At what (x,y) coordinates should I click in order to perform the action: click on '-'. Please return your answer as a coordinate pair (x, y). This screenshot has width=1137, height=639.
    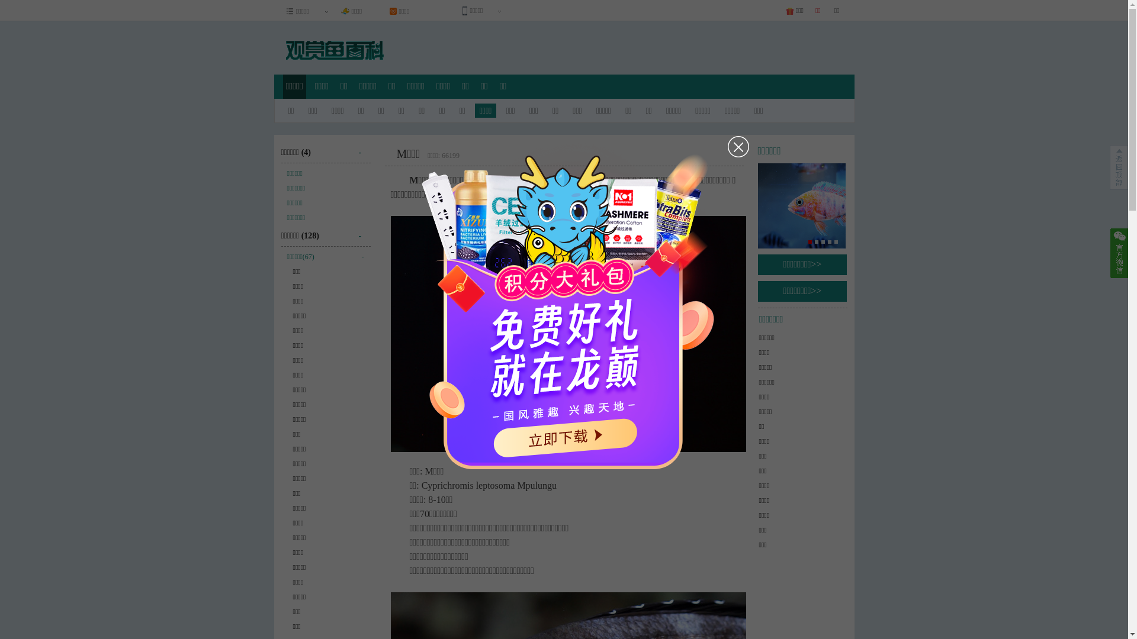
    Looking at the image, I should click on (364, 147).